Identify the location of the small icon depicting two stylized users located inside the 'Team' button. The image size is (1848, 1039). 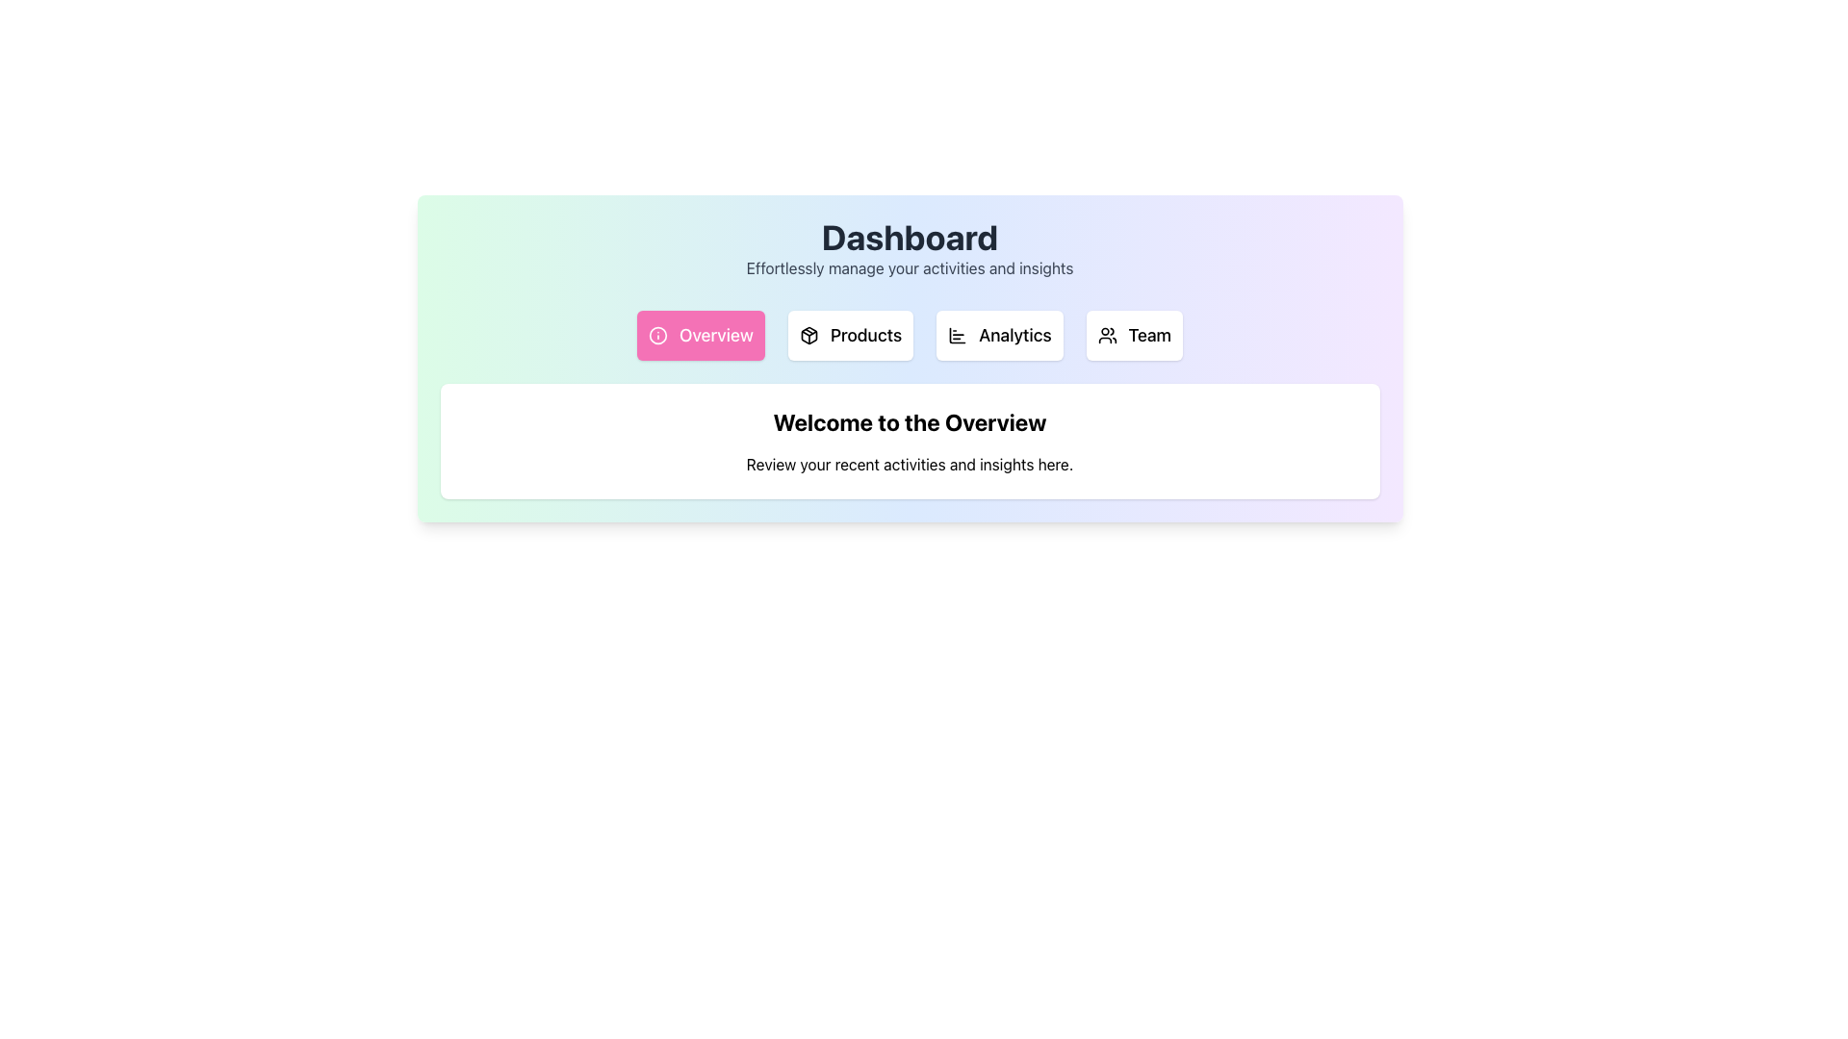
(1107, 334).